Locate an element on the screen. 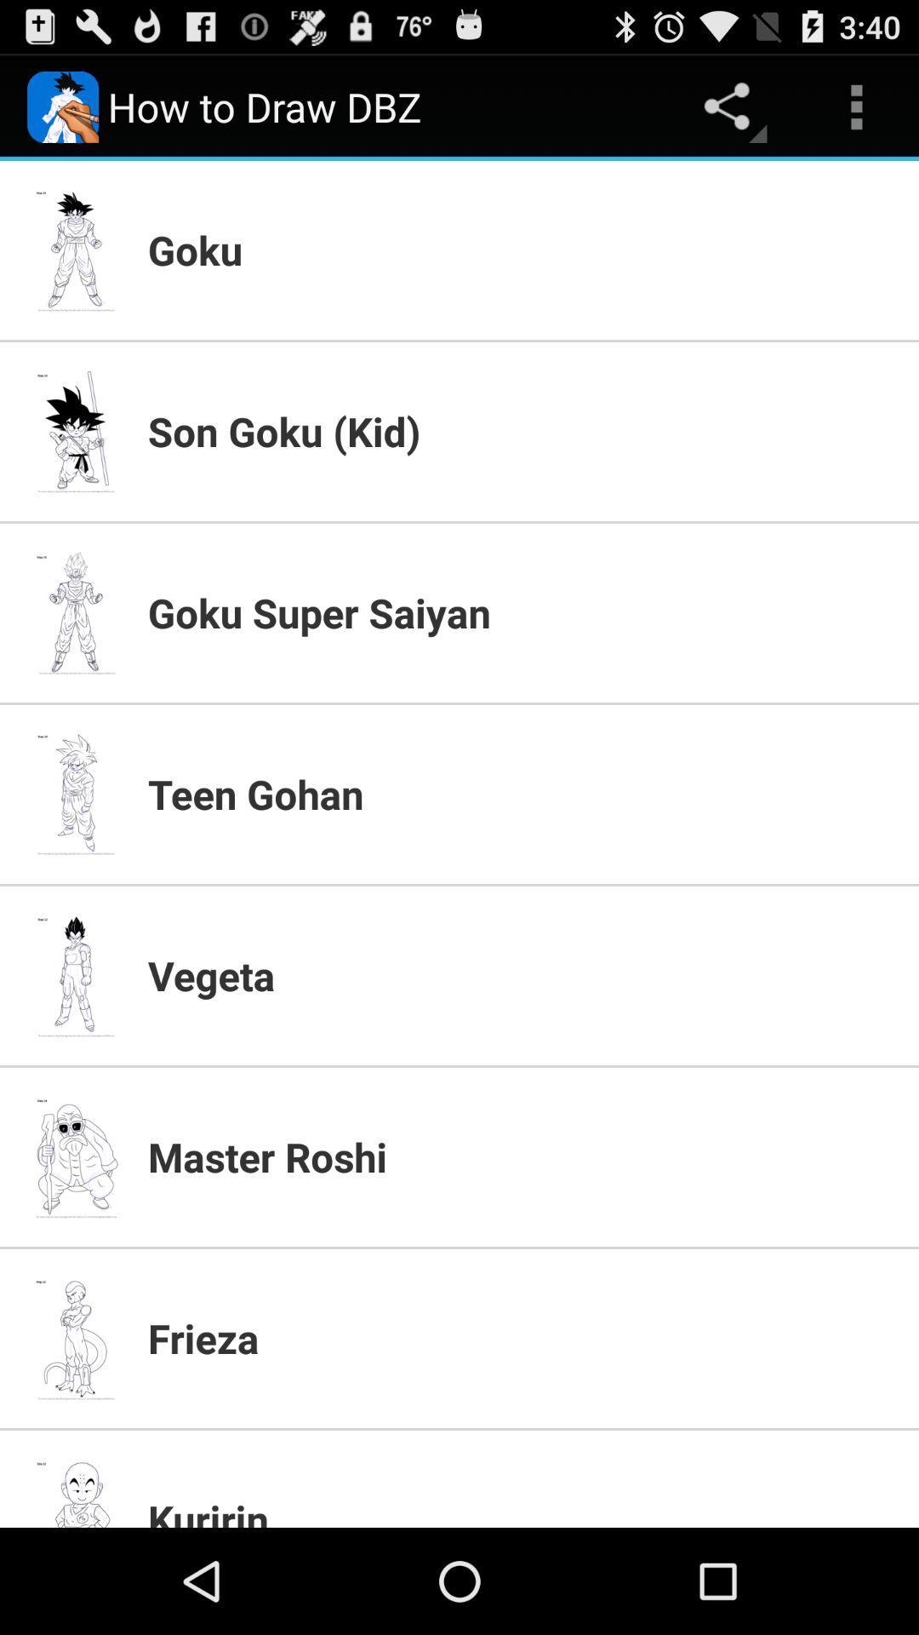 This screenshot has width=919, height=1635. item below goku super saiyan app is located at coordinates (522, 793).